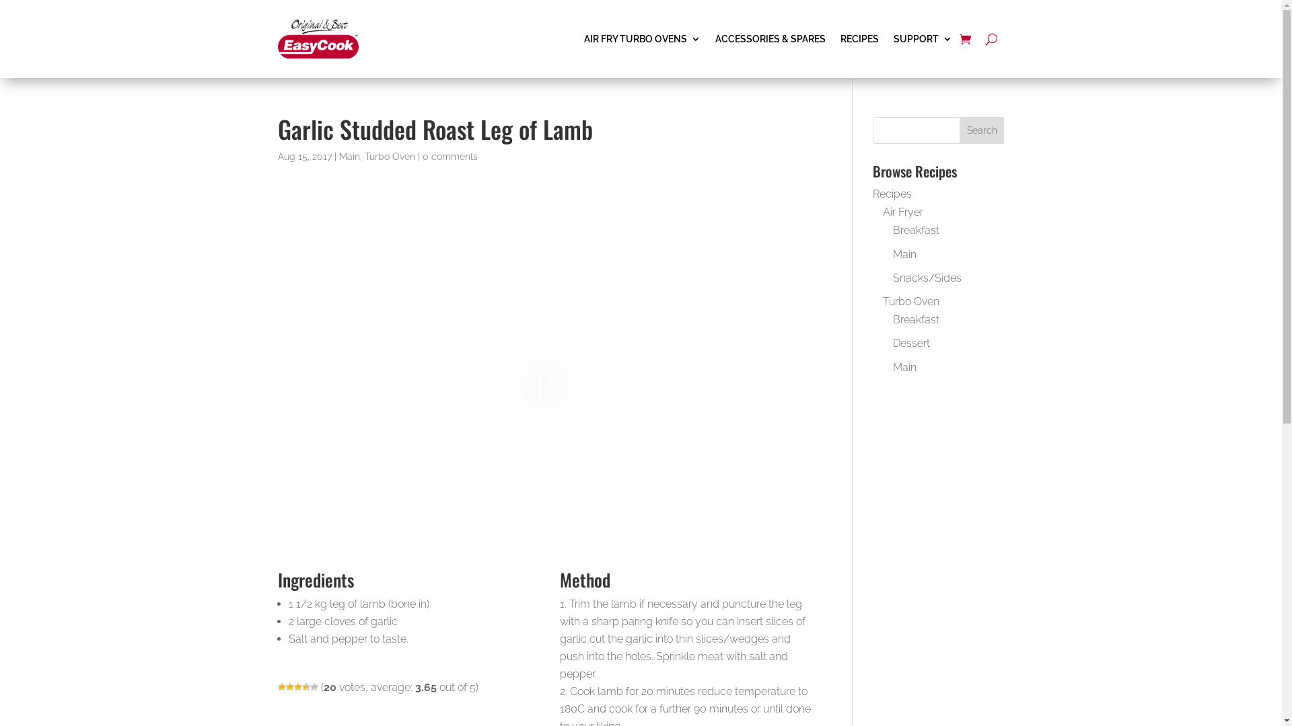  What do you see at coordinates (289, 687) in the screenshot?
I see `'2 Stars'` at bounding box center [289, 687].